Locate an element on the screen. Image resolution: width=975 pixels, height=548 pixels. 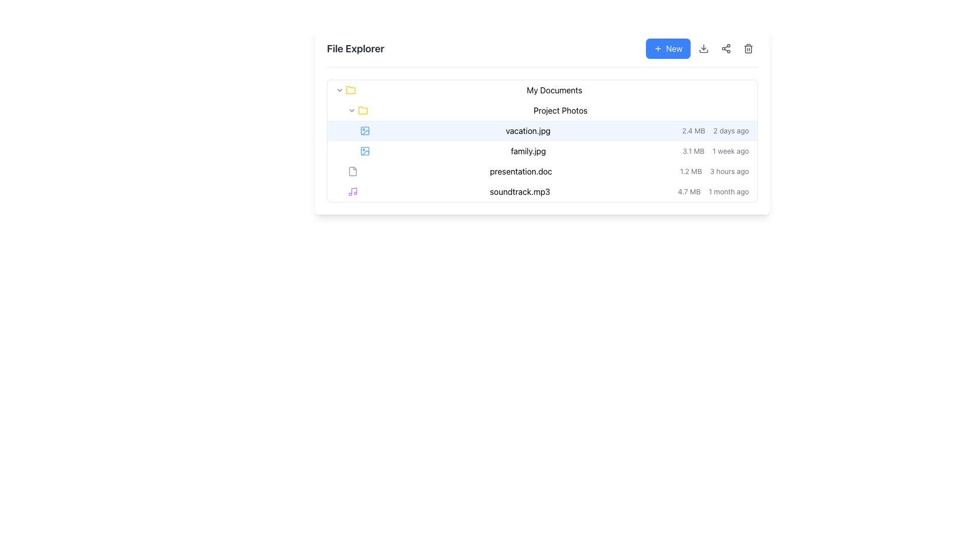
the delete button located in the top-right corner of the 'File Explorer' section is located at coordinates (748, 49).